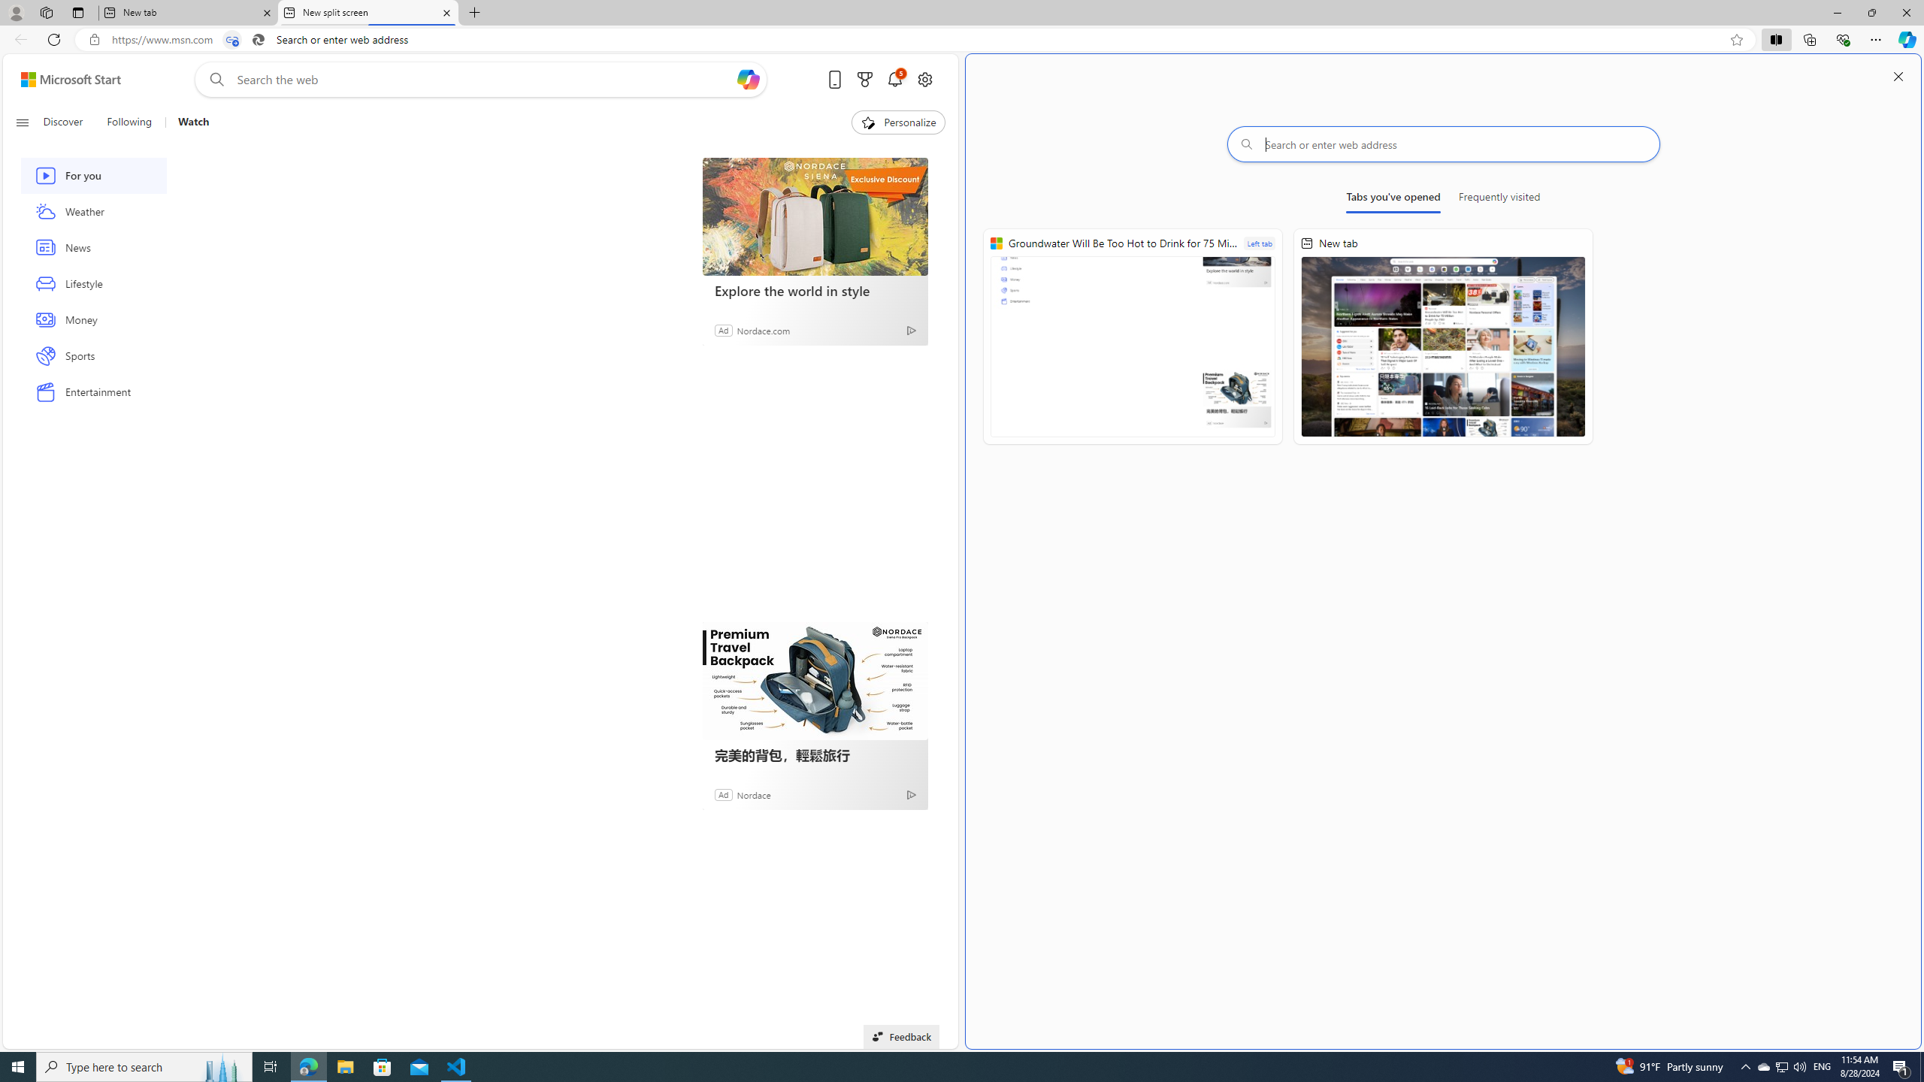  What do you see at coordinates (864, 80) in the screenshot?
I see `'Microsoft rewards'` at bounding box center [864, 80].